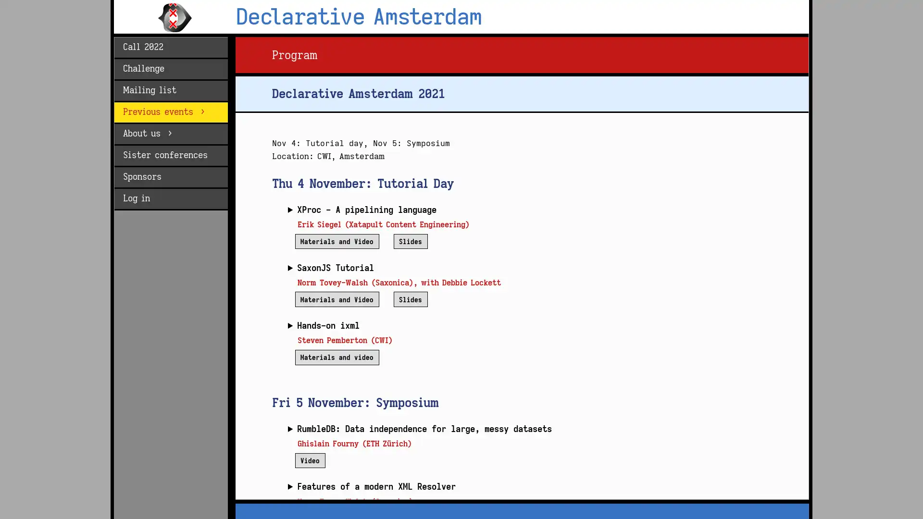  I want to click on Video, so click(310, 459).